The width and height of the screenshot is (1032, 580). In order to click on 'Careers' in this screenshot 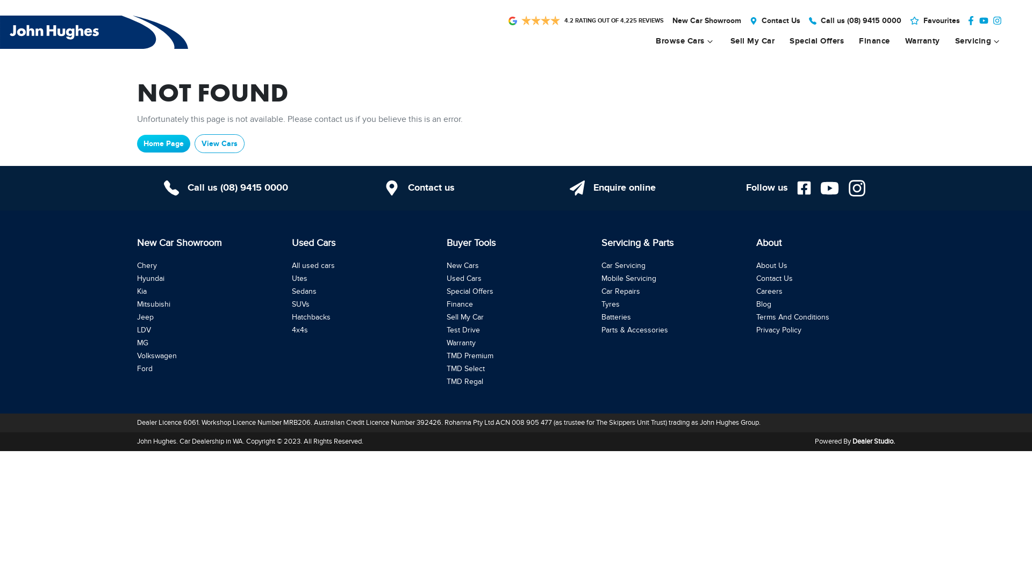, I will do `click(769, 291)`.